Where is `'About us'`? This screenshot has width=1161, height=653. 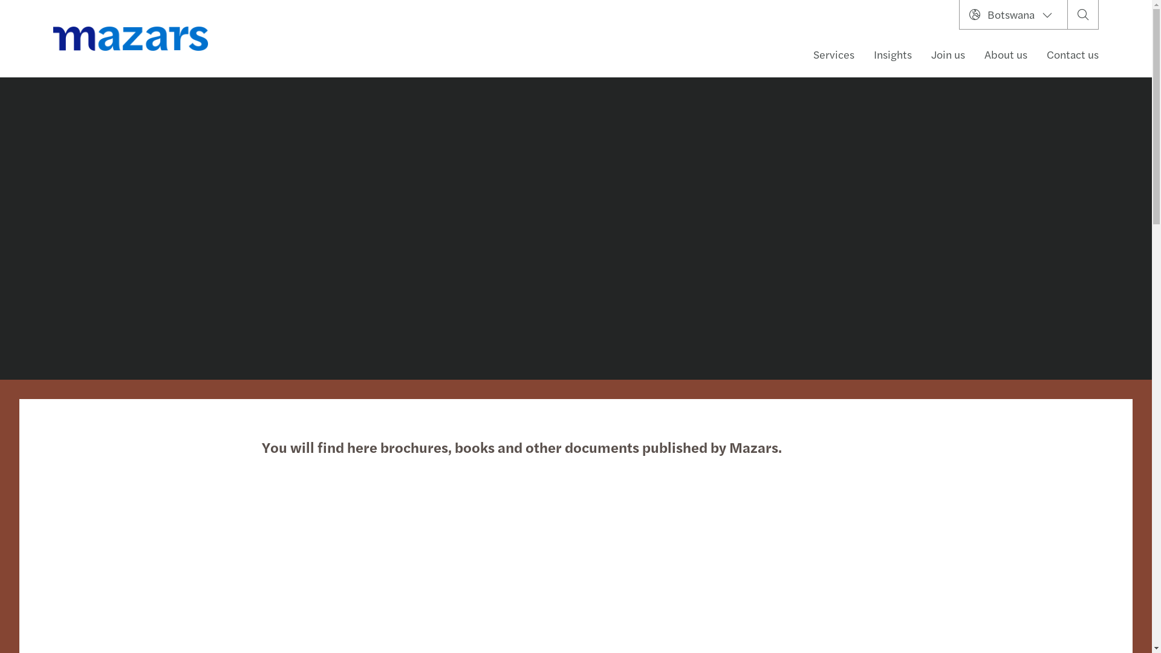
'About us' is located at coordinates (1006, 53).